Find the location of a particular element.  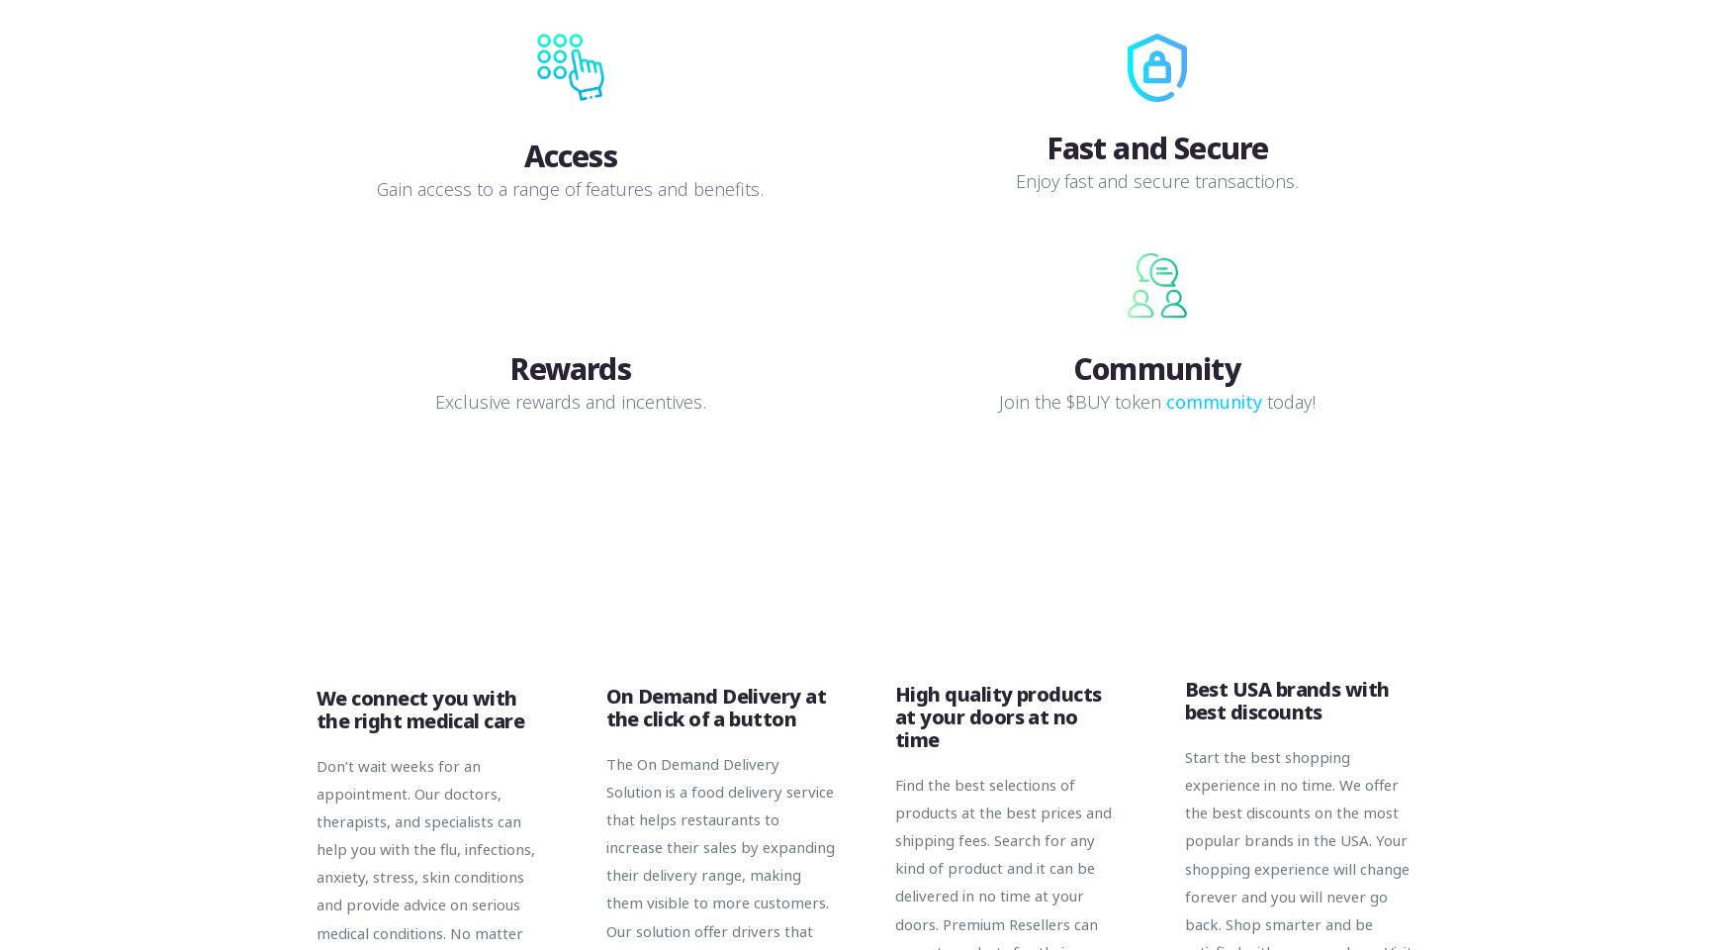

'Gain access to a range of features and benefits.' is located at coordinates (570, 189).